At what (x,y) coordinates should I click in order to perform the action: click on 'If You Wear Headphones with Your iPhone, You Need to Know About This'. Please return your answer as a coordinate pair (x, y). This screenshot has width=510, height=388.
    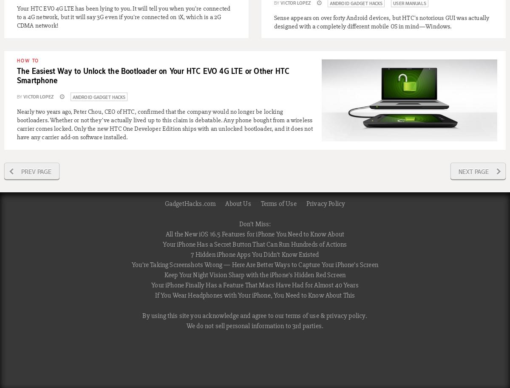
    Looking at the image, I should click on (254, 295).